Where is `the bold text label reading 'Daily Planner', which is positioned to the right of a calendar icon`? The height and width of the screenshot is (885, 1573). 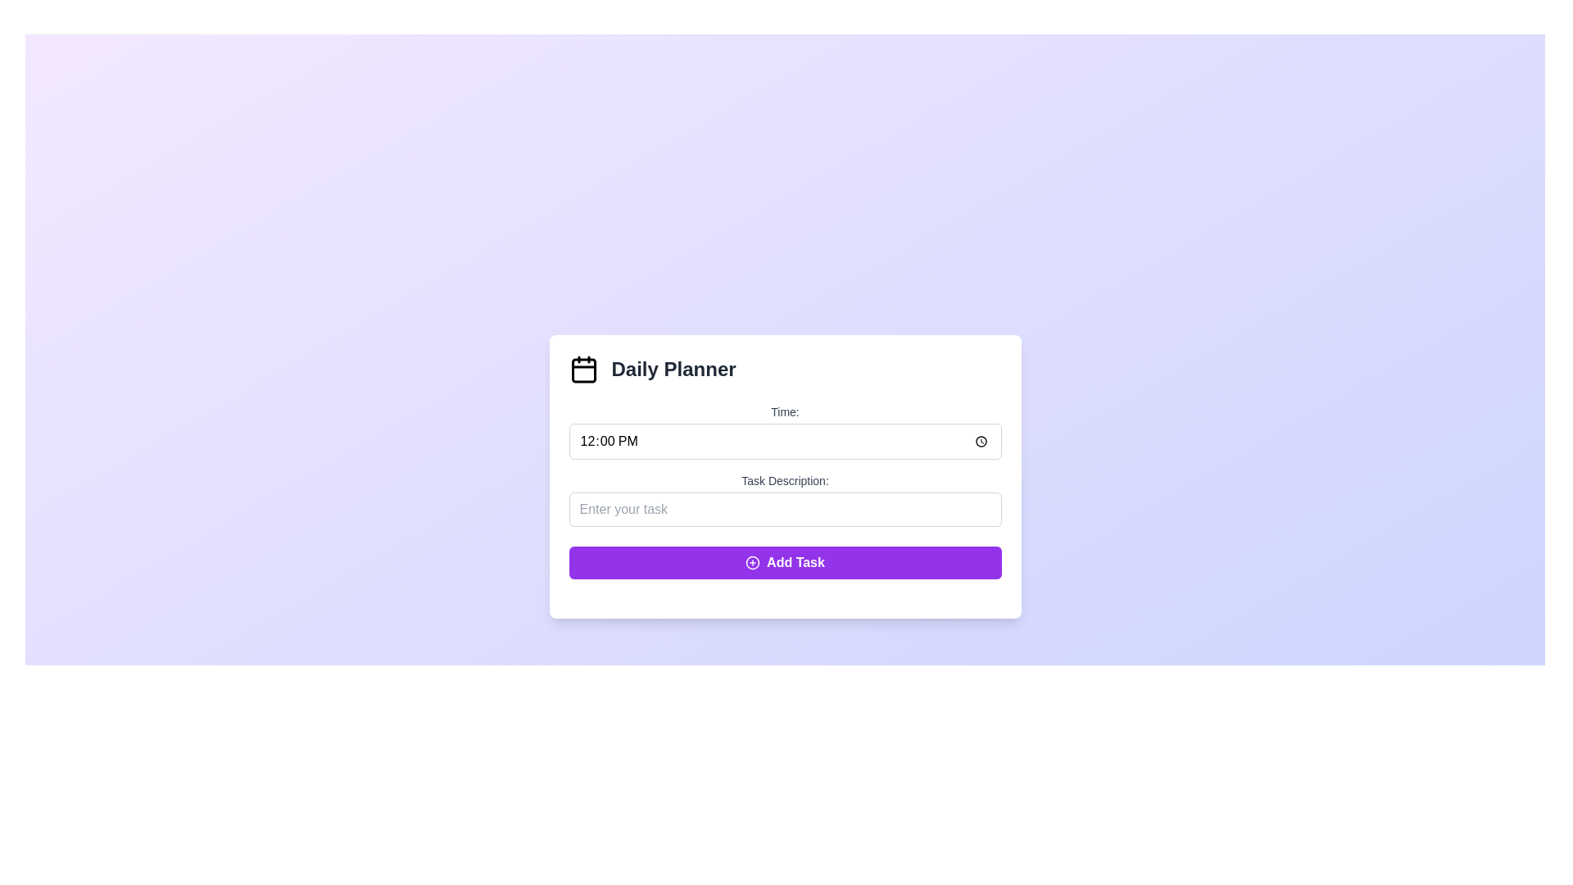
the bold text label reading 'Daily Planner', which is positioned to the right of a calendar icon is located at coordinates (673, 370).